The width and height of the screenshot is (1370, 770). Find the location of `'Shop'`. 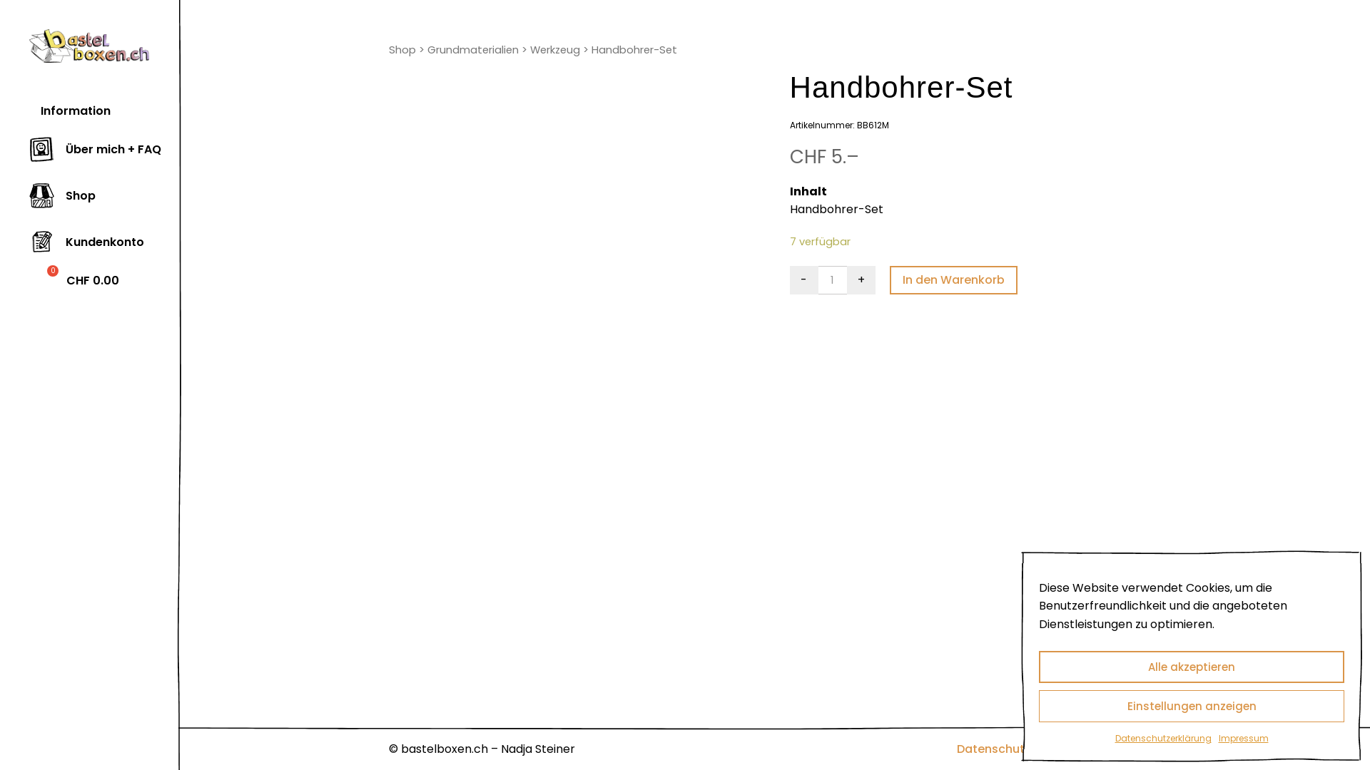

'Shop' is located at coordinates (389, 48).